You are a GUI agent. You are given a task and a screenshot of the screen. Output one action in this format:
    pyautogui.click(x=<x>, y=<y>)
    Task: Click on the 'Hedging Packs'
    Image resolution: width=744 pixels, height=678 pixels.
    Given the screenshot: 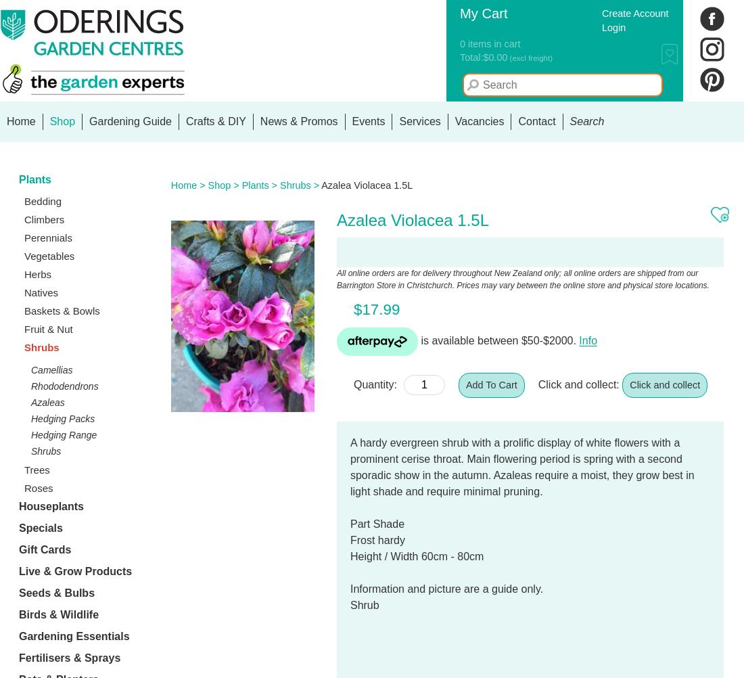 What is the action you would take?
    pyautogui.click(x=62, y=418)
    